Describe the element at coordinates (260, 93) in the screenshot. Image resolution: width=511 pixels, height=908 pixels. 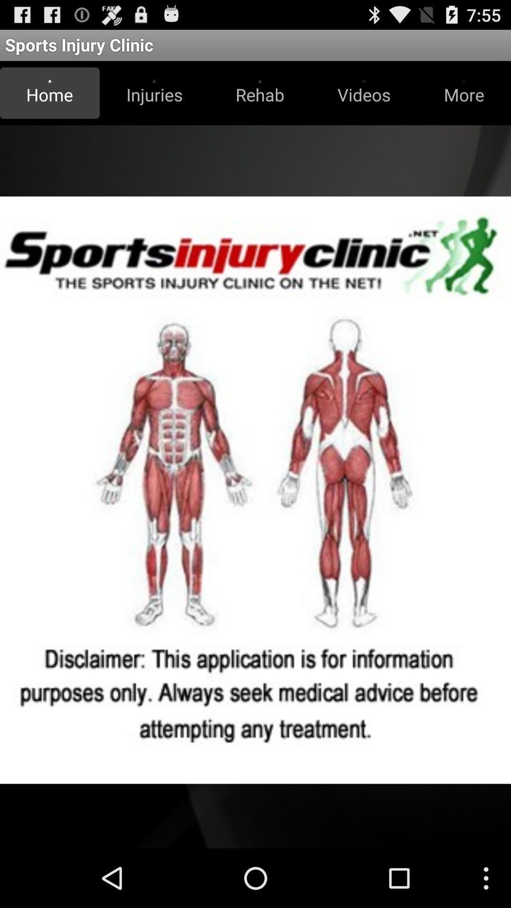
I see `icon to the left of the videos` at that location.